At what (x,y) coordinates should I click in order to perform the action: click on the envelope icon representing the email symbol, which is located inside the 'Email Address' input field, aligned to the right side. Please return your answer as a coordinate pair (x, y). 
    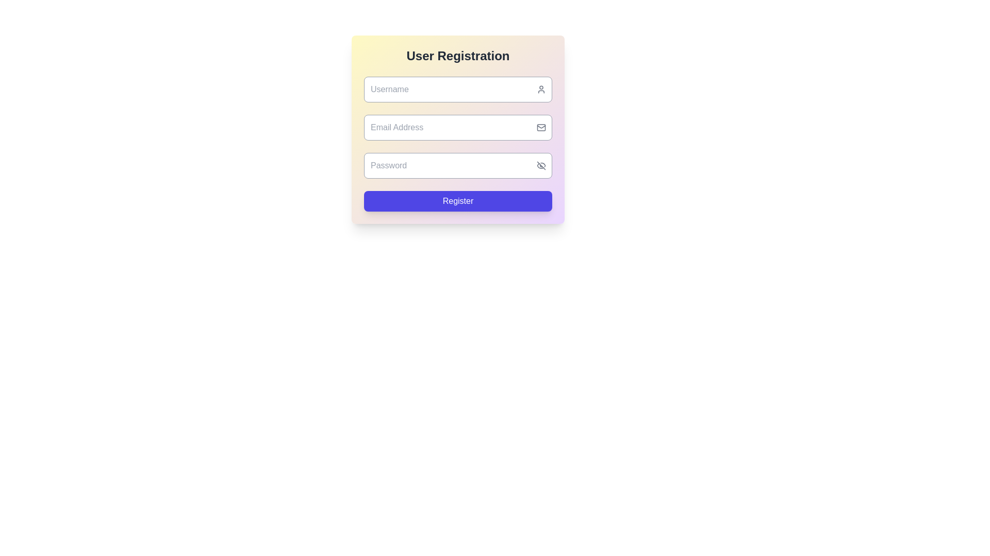
    Looking at the image, I should click on (541, 127).